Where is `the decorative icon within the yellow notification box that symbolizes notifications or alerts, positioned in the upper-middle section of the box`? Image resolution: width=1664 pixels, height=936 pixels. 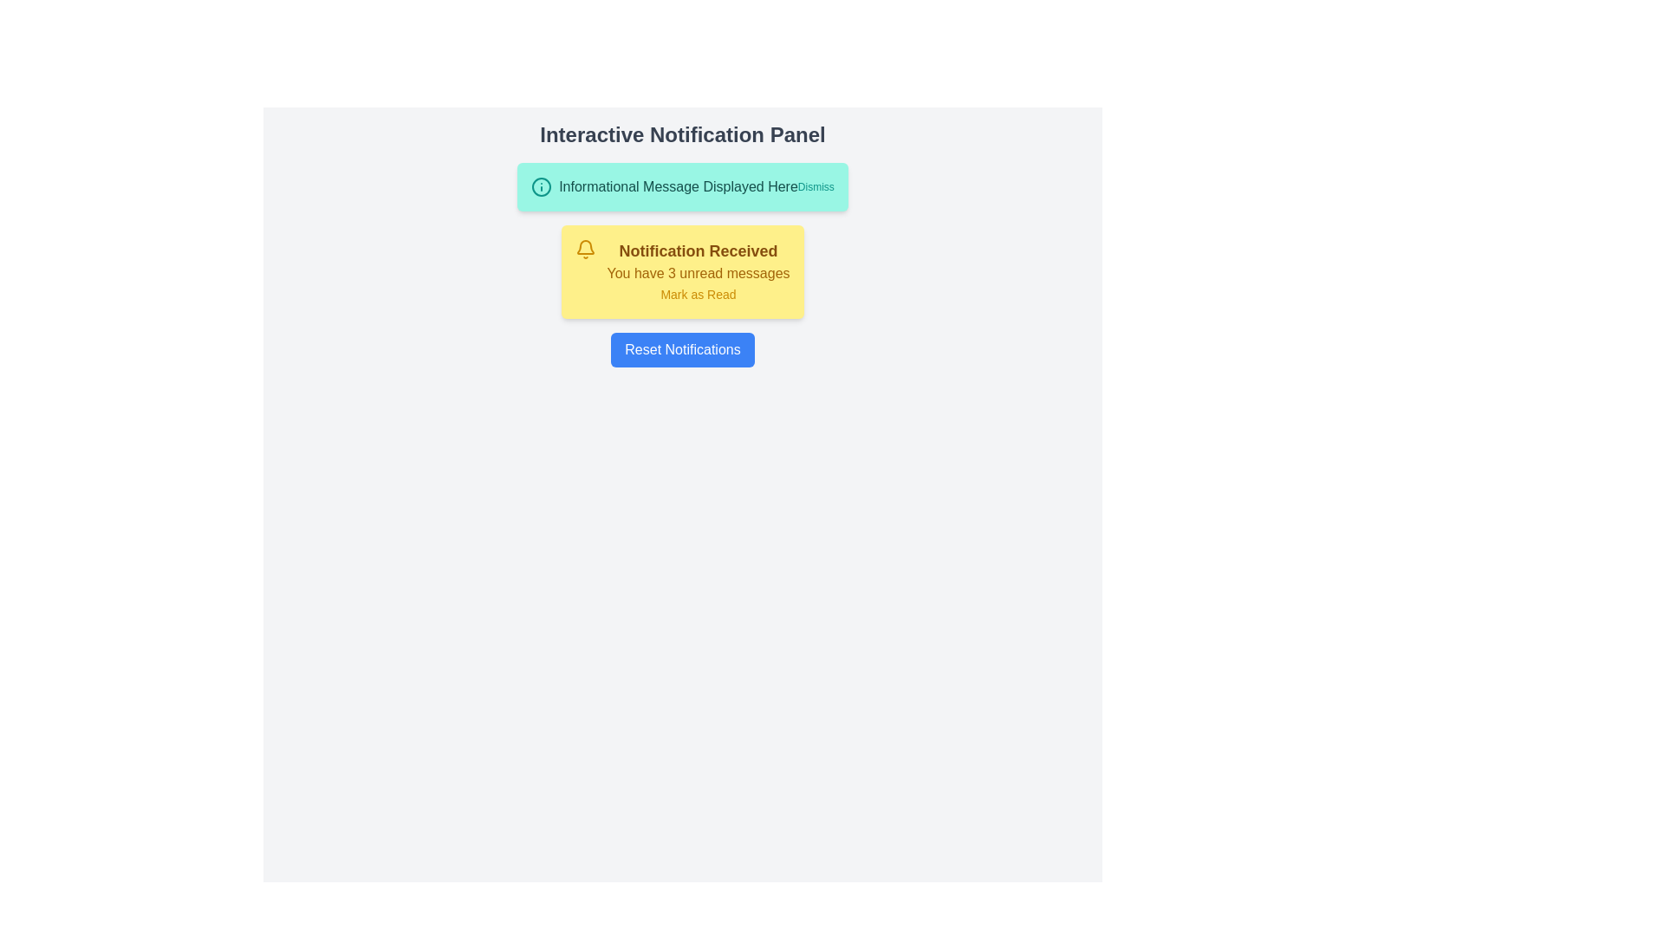
the decorative icon within the yellow notification box that symbolizes notifications or alerts, positioned in the upper-middle section of the box is located at coordinates (586, 247).